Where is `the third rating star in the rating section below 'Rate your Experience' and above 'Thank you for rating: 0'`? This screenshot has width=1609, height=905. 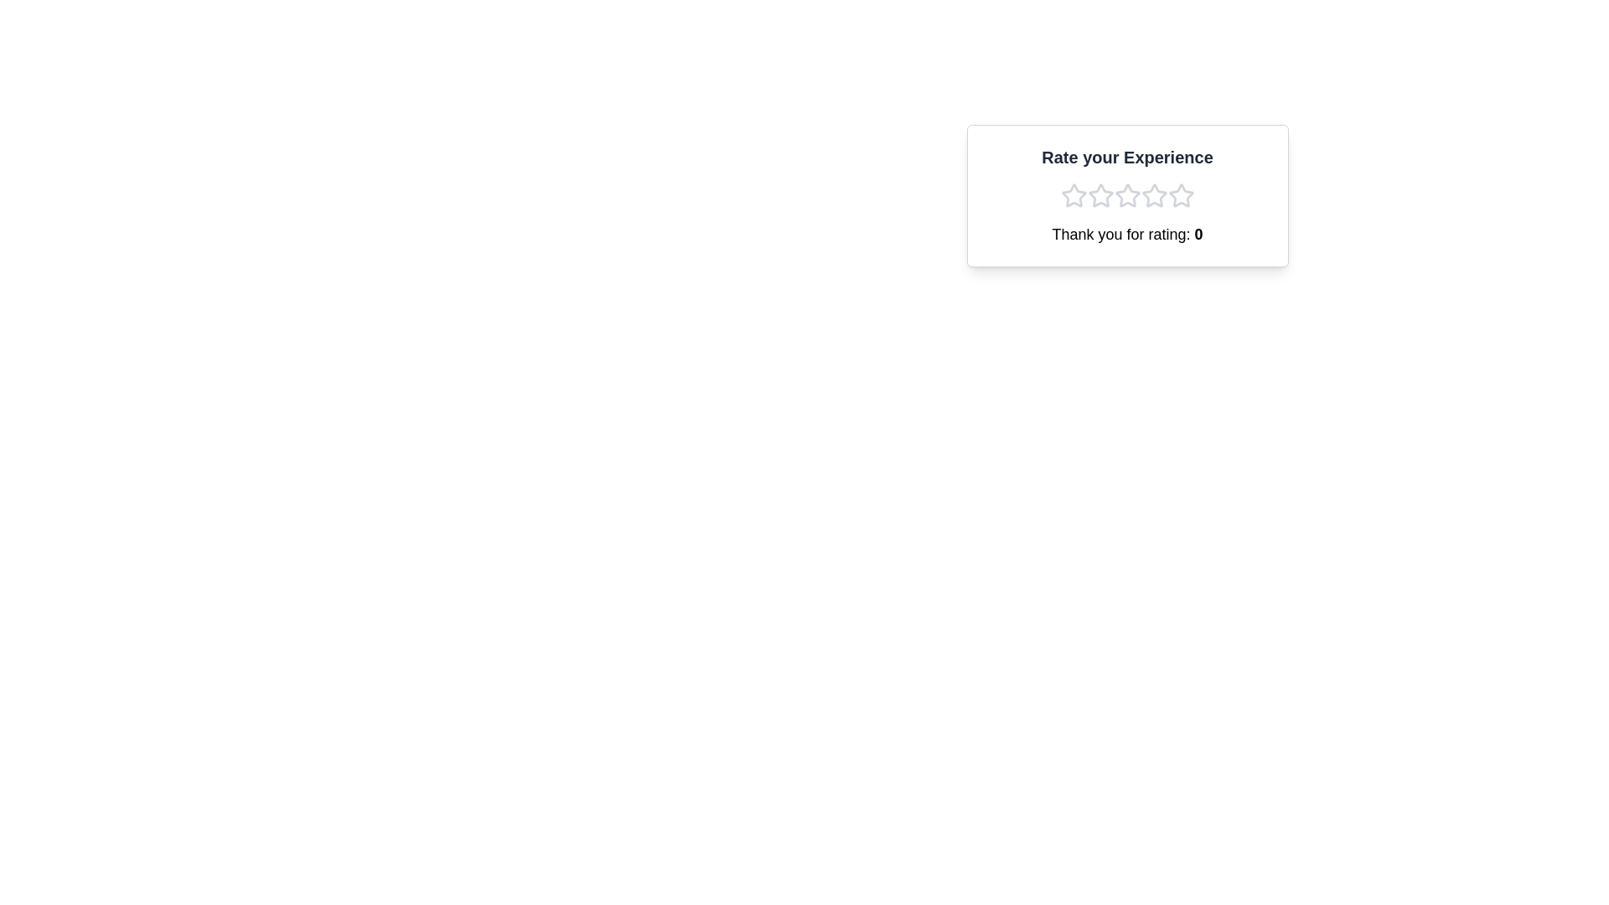
the third rating star in the rating section below 'Rate your Experience' and above 'Thank you for rating: 0' is located at coordinates (1127, 195).